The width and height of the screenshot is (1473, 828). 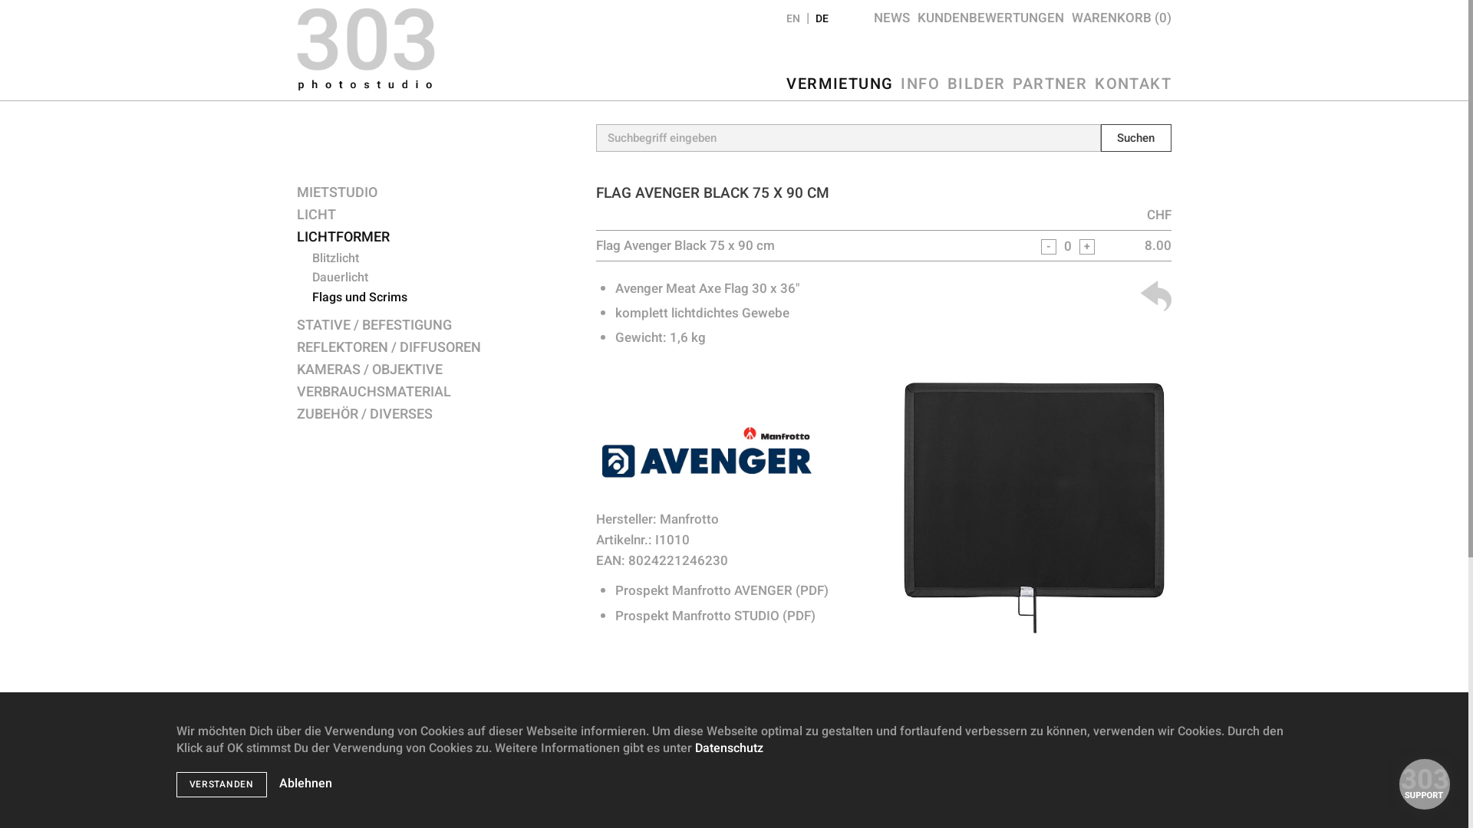 What do you see at coordinates (714, 614) in the screenshot?
I see `'Prospekt Manfrotto STUDIO (PDF)'` at bounding box center [714, 614].